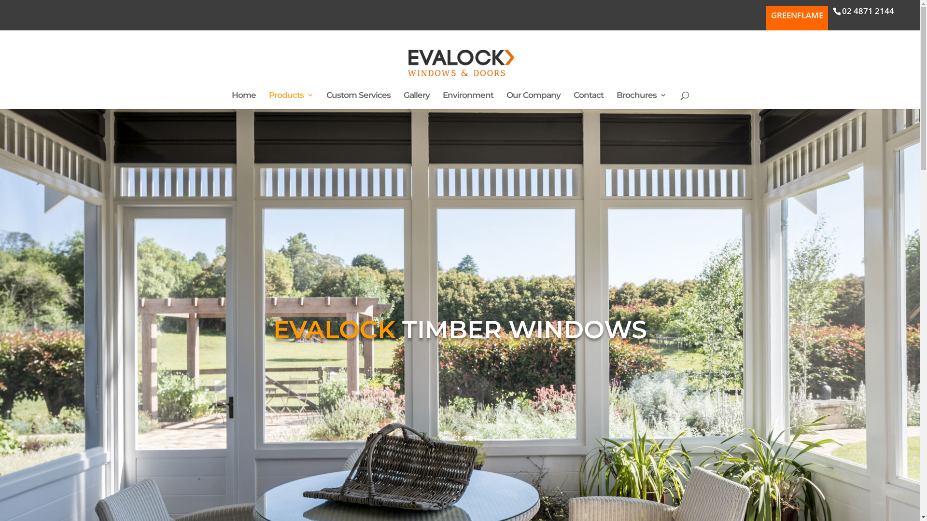  Describe the element at coordinates (243, 100) in the screenshot. I see `'Home'` at that location.